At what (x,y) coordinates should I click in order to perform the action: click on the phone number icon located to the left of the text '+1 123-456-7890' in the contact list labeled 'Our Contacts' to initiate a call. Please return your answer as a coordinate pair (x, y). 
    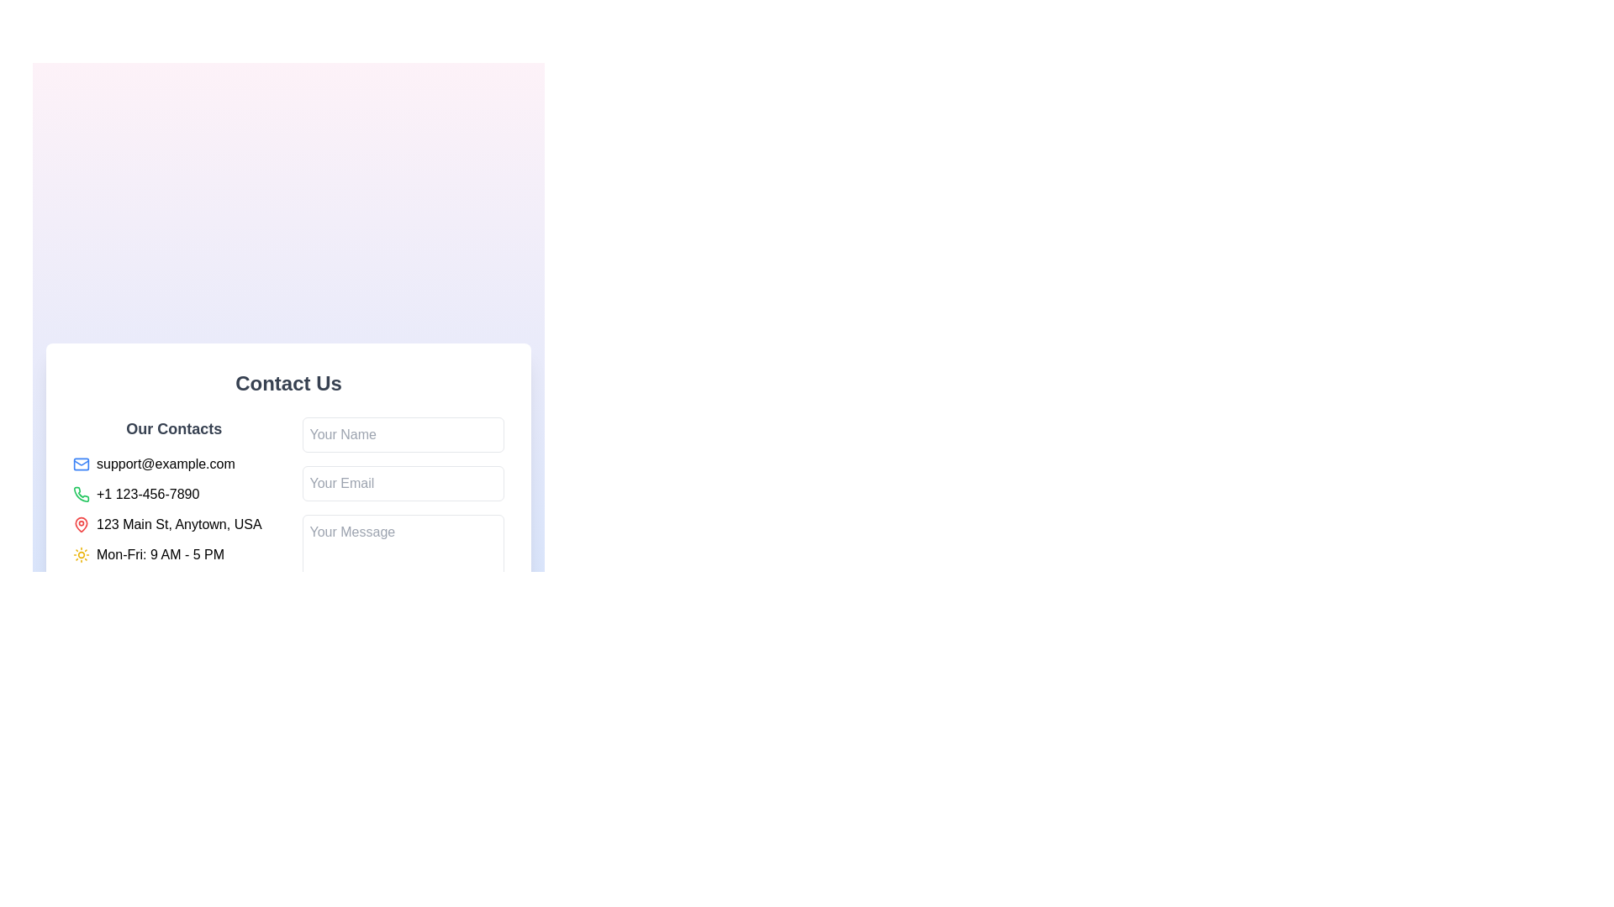
    Looking at the image, I should click on (80, 492).